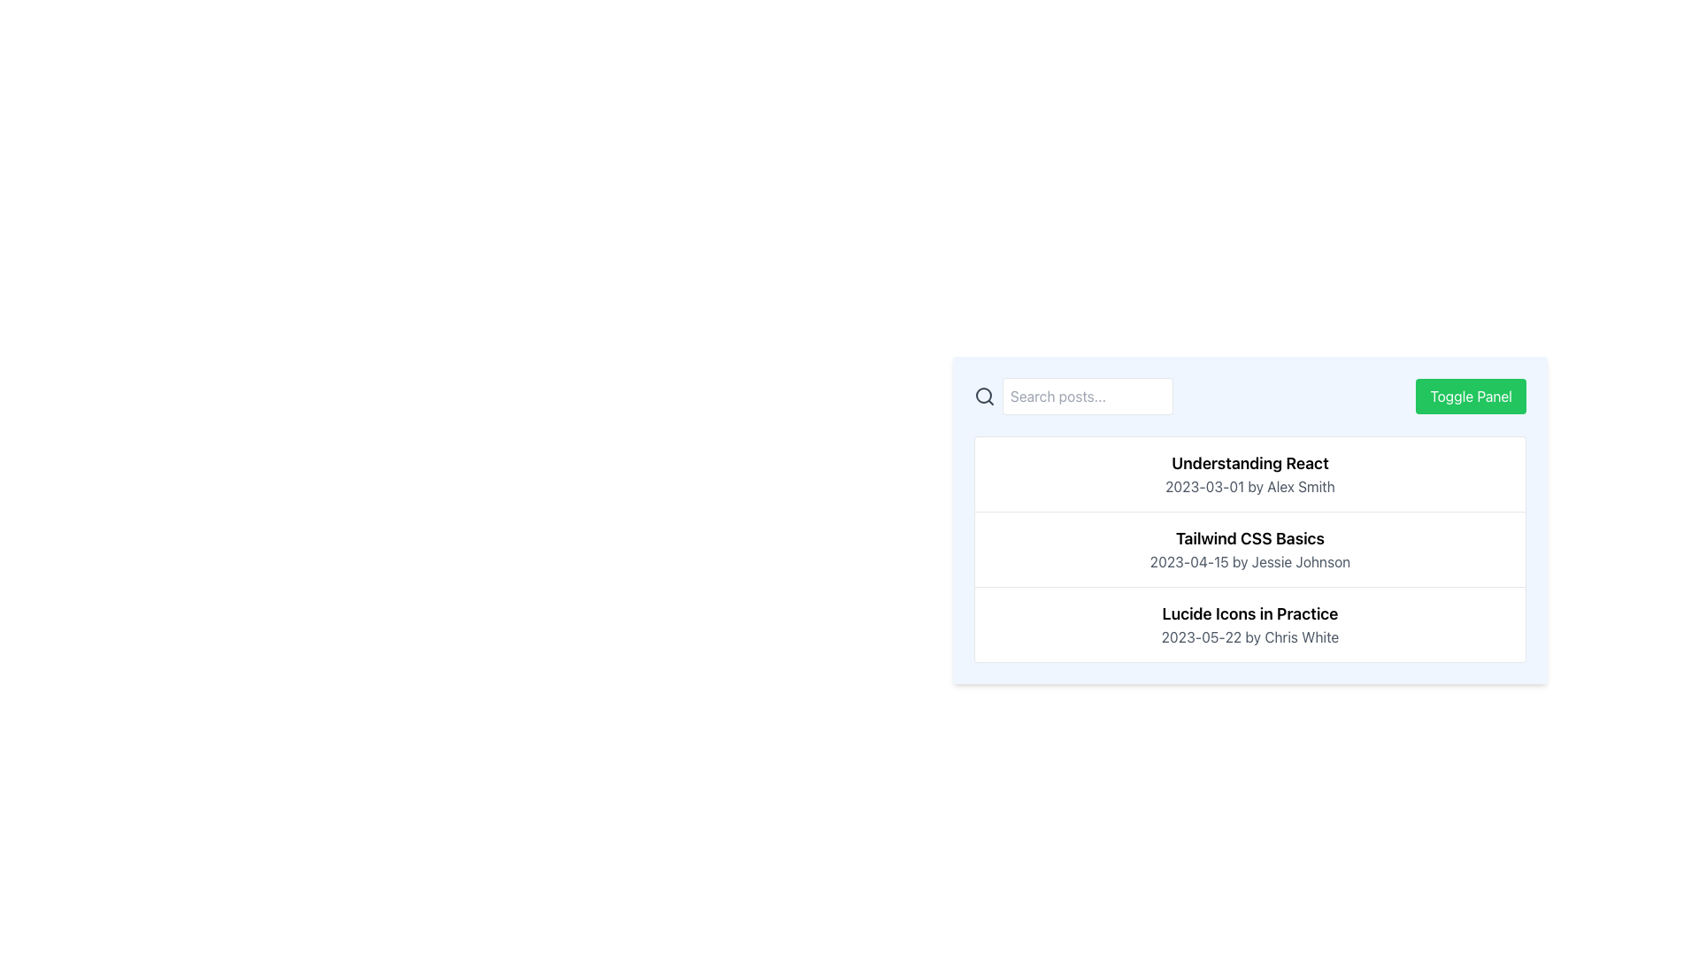  I want to click on the solid circular shape located within the magnifying glass icon at the left end of the search bar, so click(983, 395).